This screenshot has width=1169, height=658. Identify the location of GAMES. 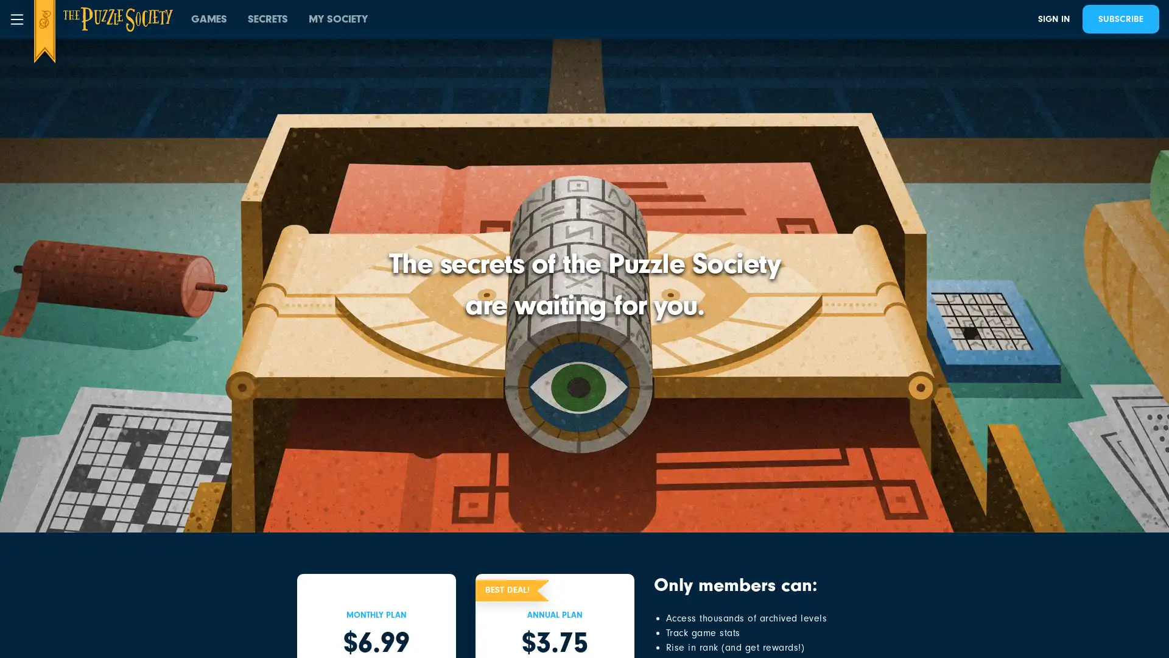
(209, 19).